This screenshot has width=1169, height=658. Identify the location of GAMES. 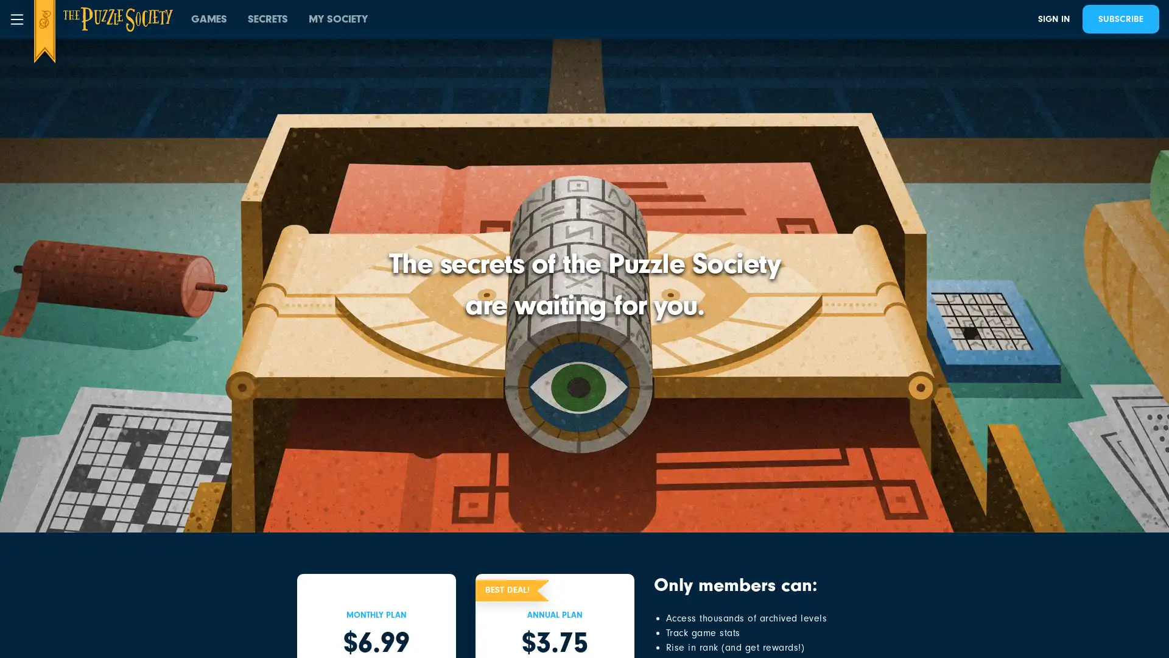
(209, 19).